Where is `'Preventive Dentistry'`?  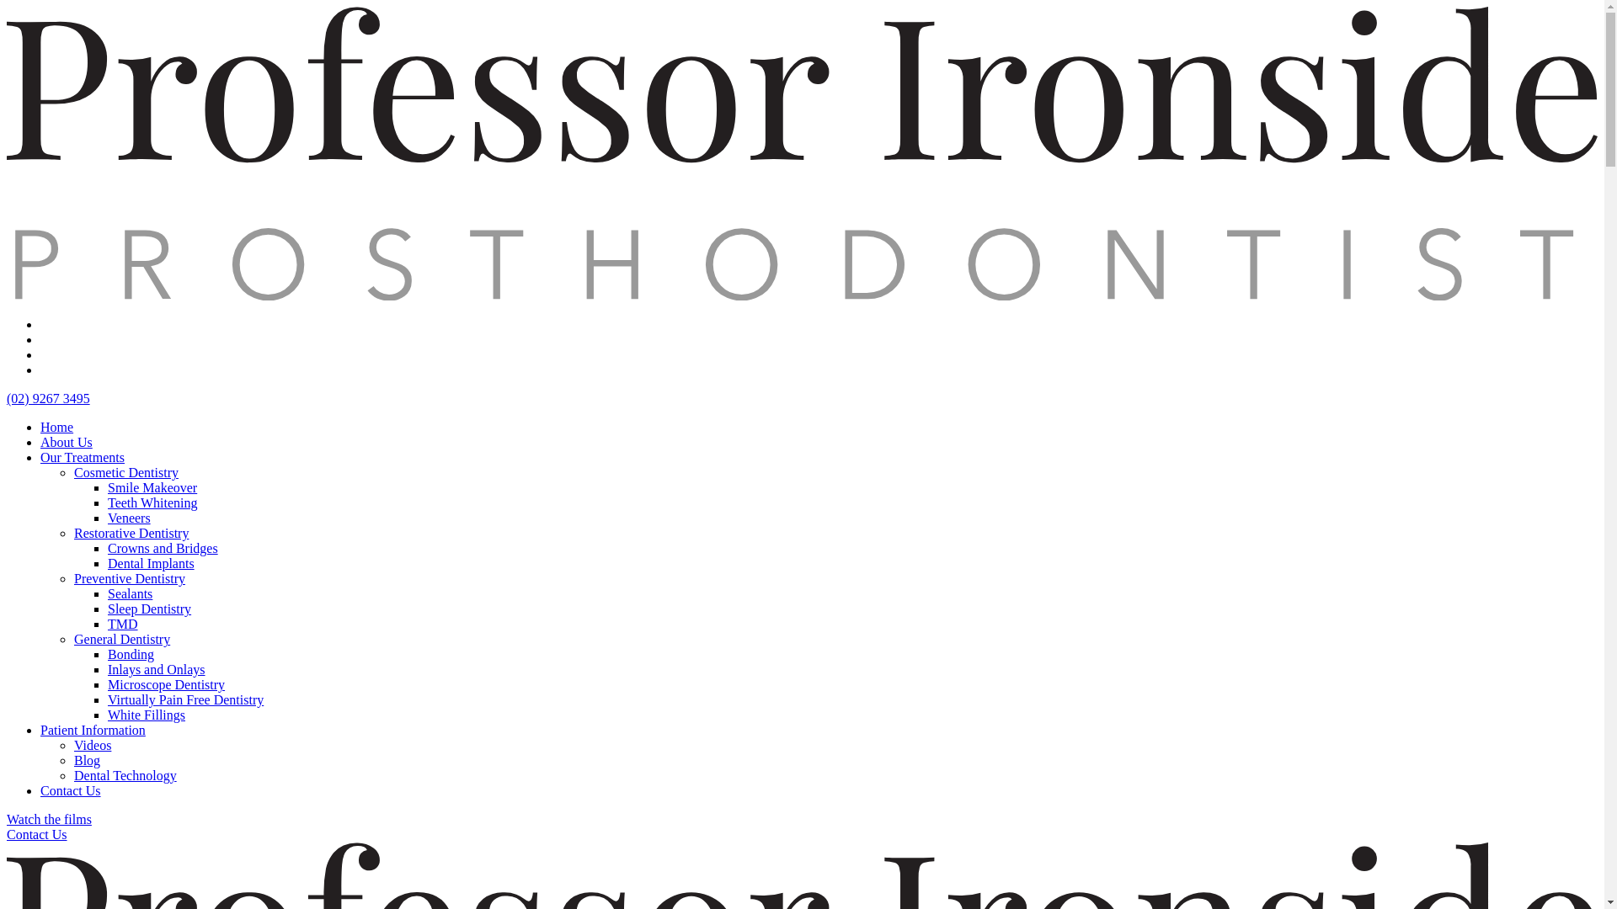 'Preventive Dentistry' is located at coordinates (72, 577).